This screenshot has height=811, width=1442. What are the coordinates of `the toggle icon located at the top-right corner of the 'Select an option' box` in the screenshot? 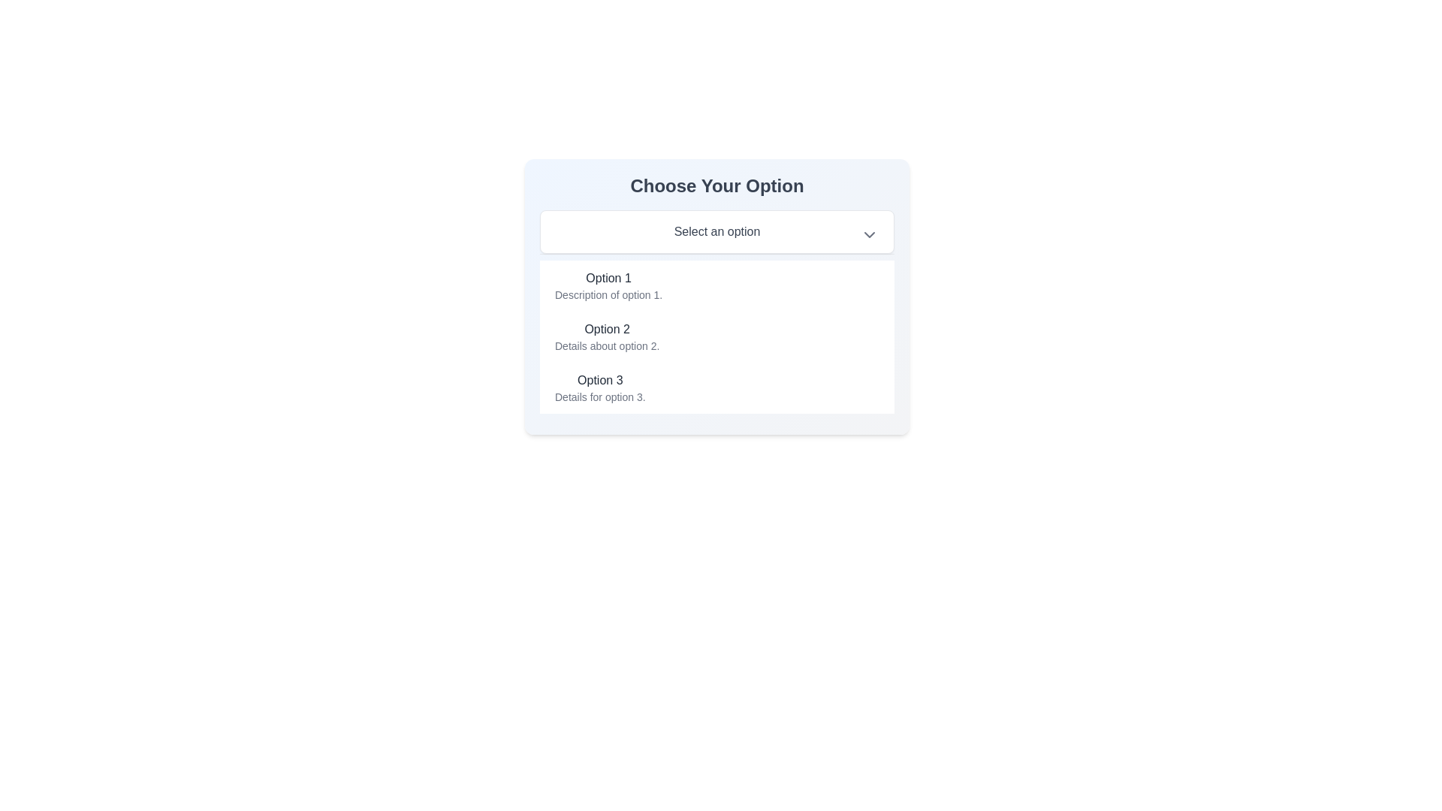 It's located at (869, 234).